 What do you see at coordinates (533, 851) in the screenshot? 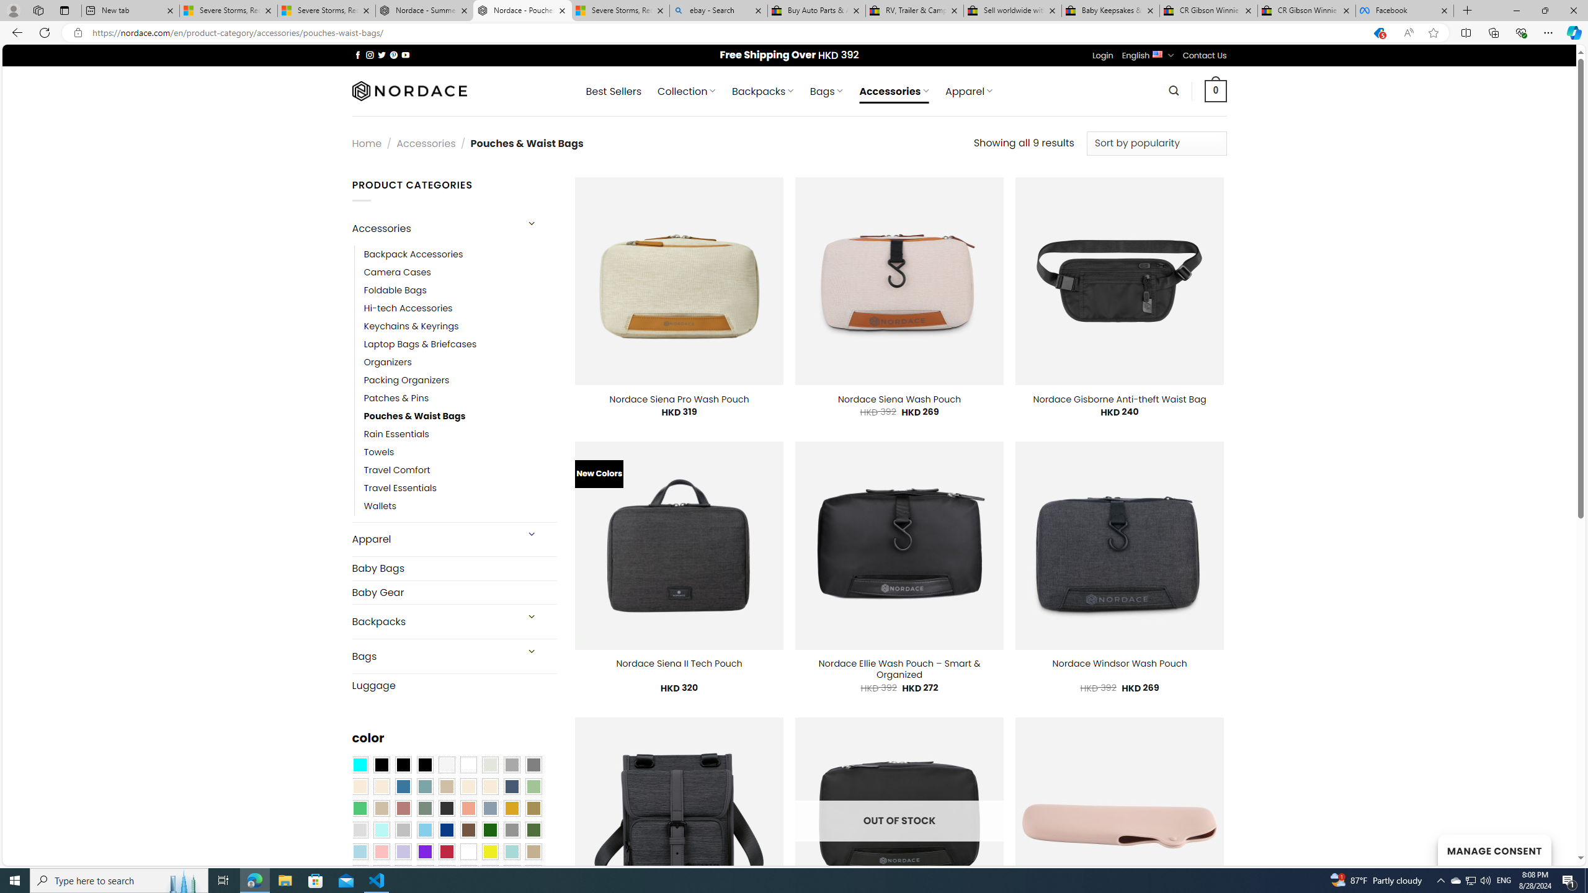
I see `'Khaki'` at bounding box center [533, 851].